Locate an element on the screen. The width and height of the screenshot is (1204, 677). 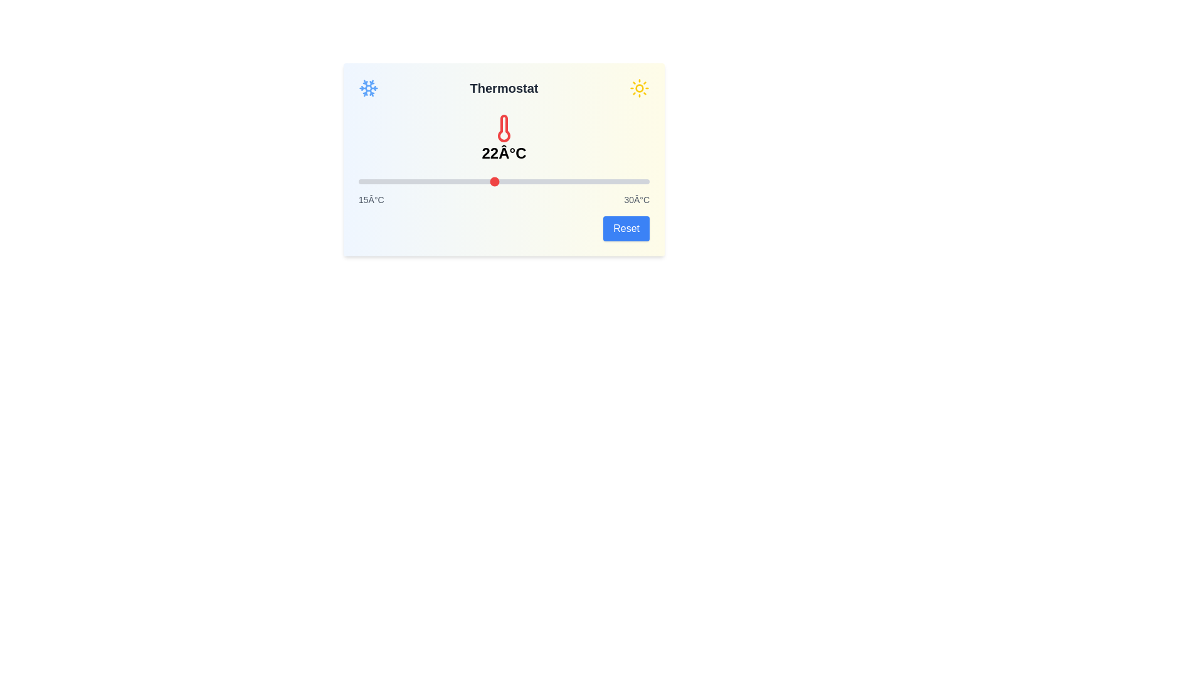
the slider to set the temperature to 20 degrees is located at coordinates (455, 181).